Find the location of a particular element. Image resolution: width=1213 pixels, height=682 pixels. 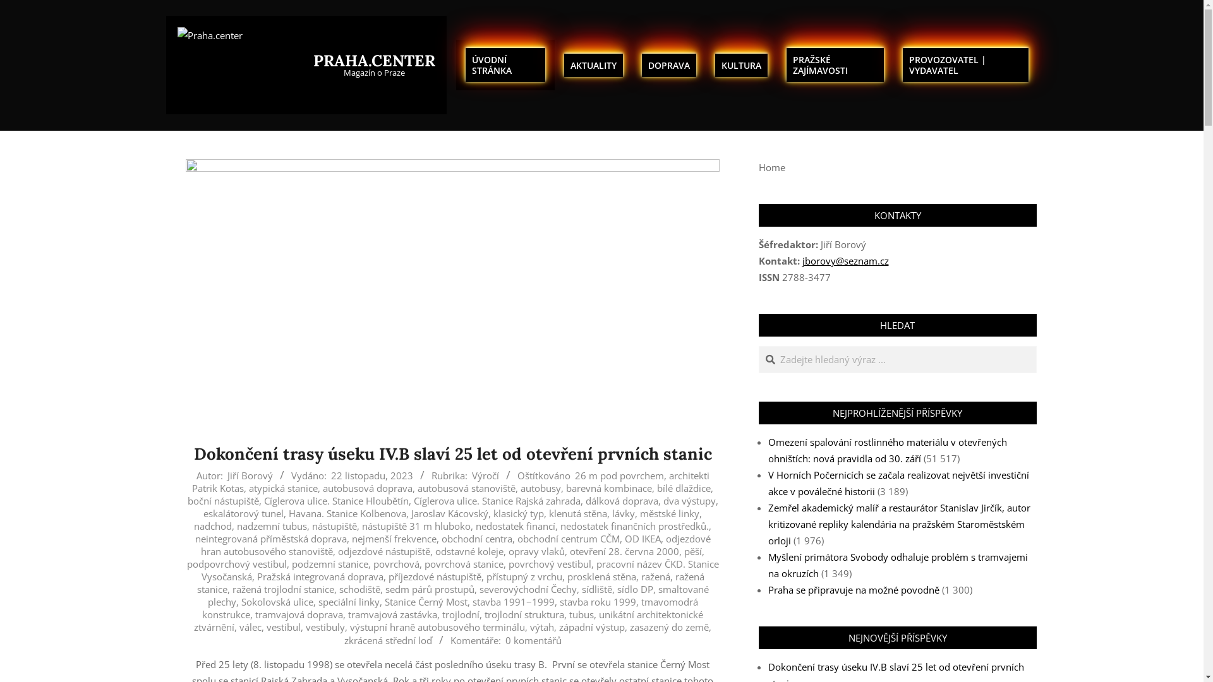

'AKTUALITY' is located at coordinates (555, 65).